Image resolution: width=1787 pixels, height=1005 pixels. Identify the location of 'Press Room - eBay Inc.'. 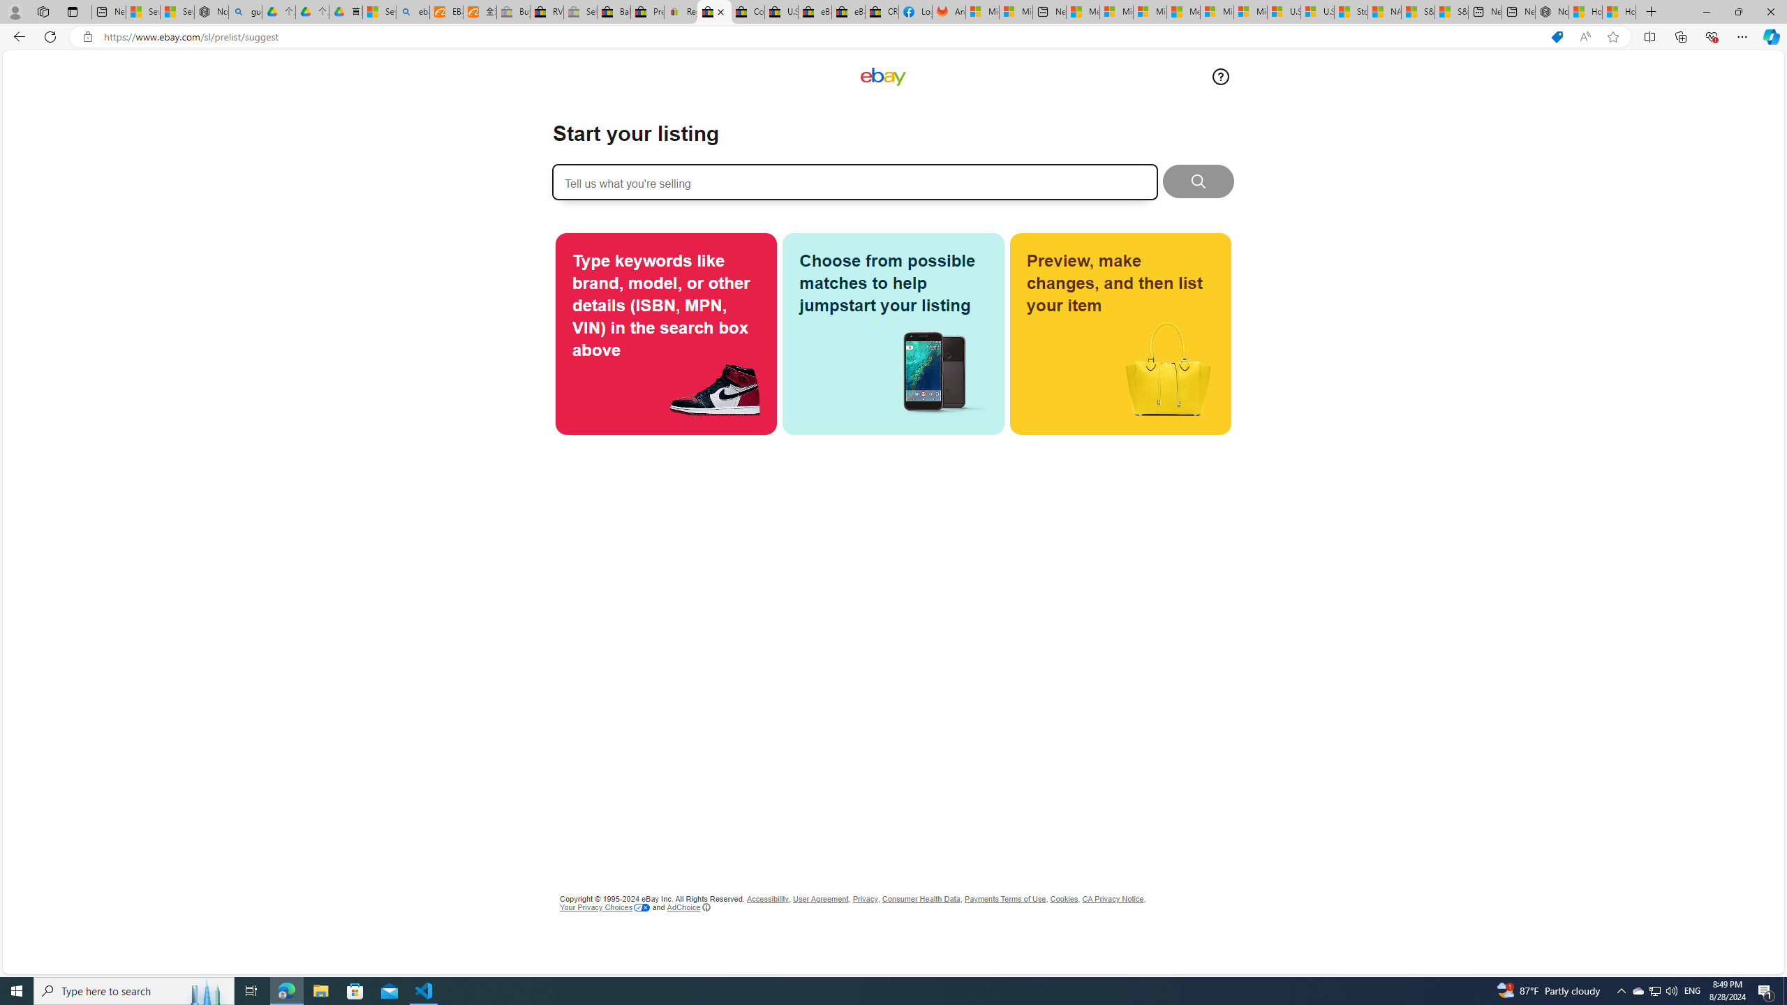
(648, 11).